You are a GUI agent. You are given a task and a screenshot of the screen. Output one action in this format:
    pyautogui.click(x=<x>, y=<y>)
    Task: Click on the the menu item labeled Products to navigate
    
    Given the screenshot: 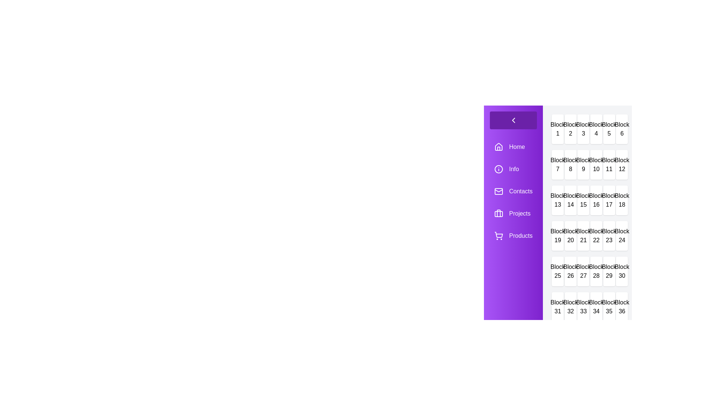 What is the action you would take?
    pyautogui.click(x=512, y=236)
    